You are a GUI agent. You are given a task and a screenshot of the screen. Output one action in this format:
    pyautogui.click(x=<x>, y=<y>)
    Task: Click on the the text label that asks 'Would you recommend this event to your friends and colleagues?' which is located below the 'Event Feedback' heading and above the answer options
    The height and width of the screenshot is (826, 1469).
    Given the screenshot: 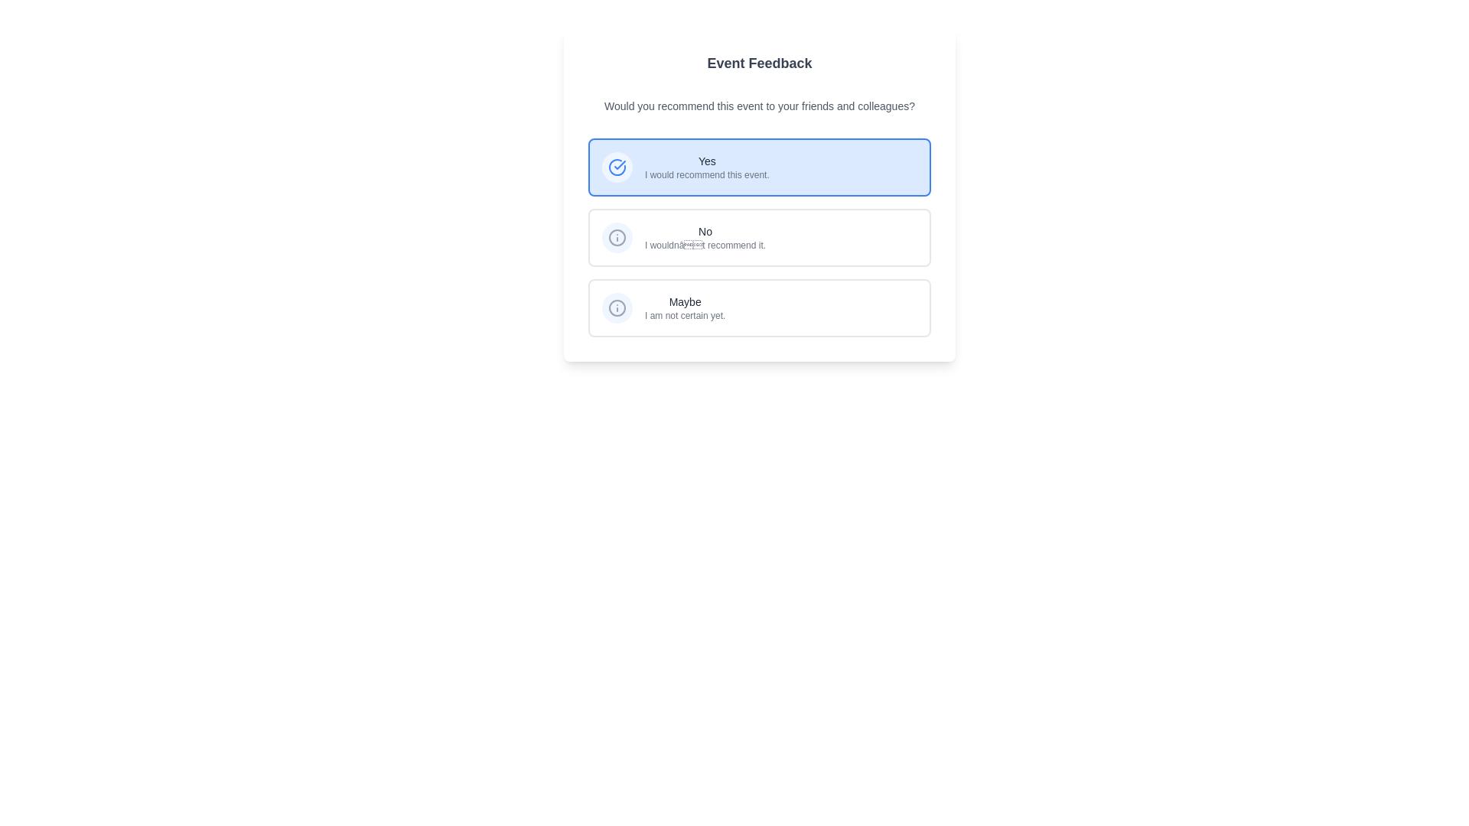 What is the action you would take?
    pyautogui.click(x=760, y=105)
    